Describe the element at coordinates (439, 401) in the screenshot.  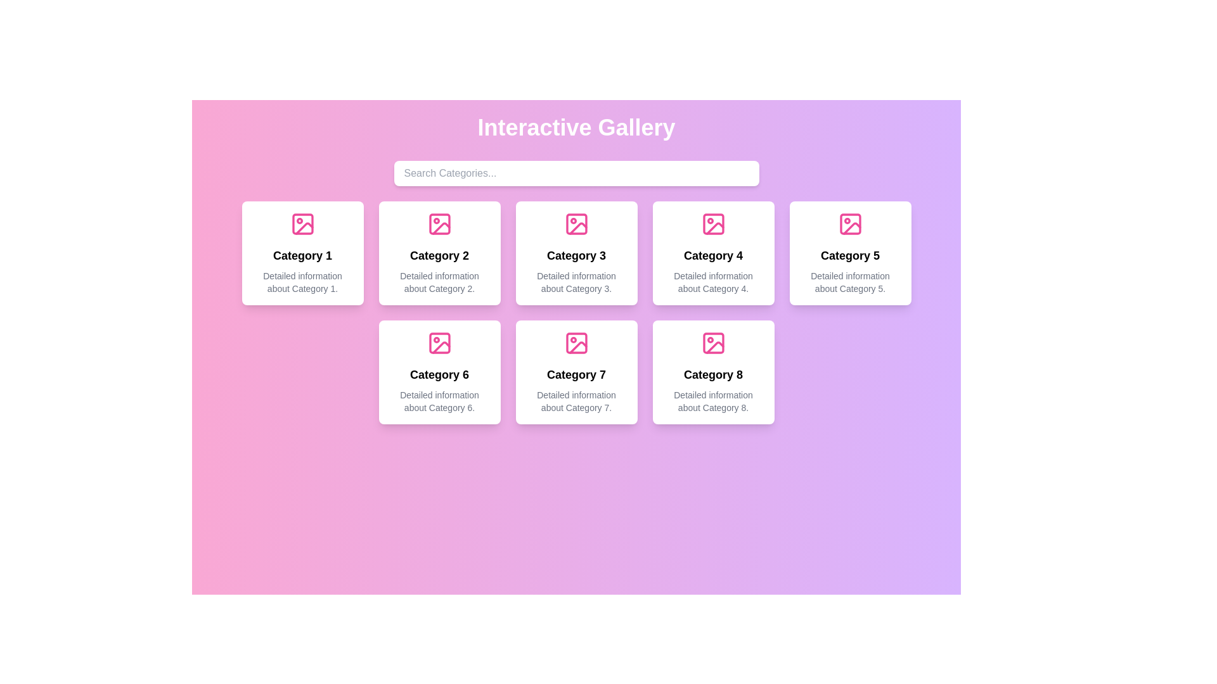
I see `text from the text block displaying 'Detailed information about Category 6.', which is styled with a small font size and located at the bottom portion of its containing card` at that location.